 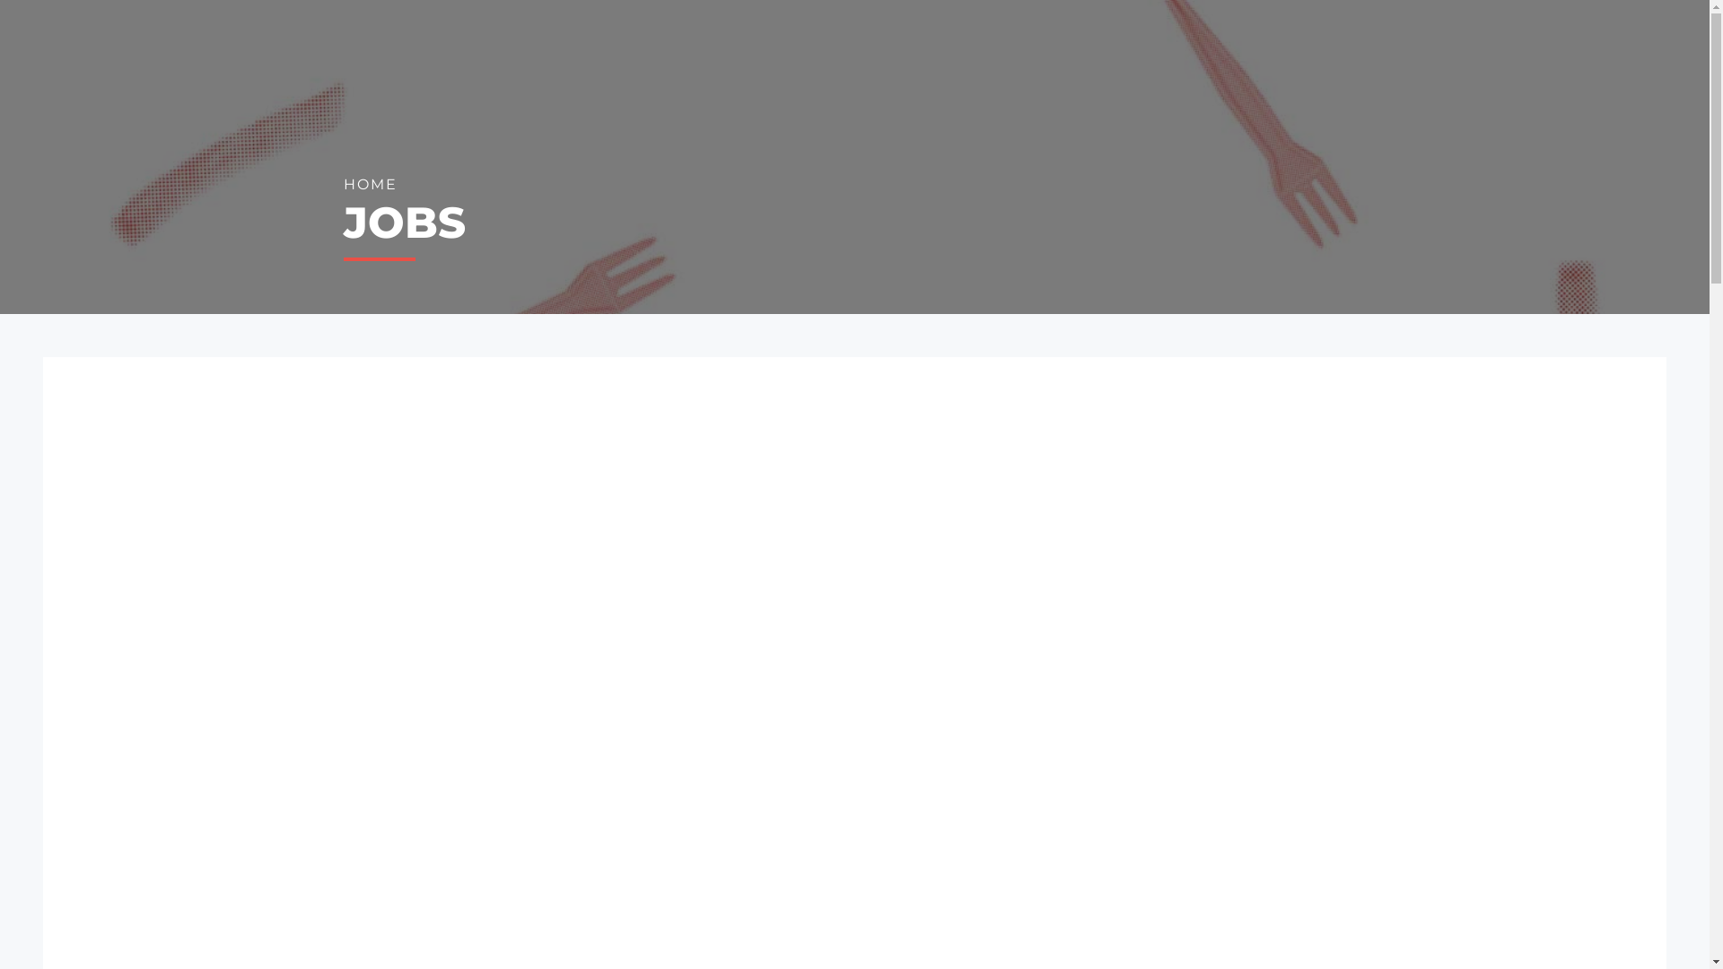 I want to click on 'HOME', so click(x=369, y=185).